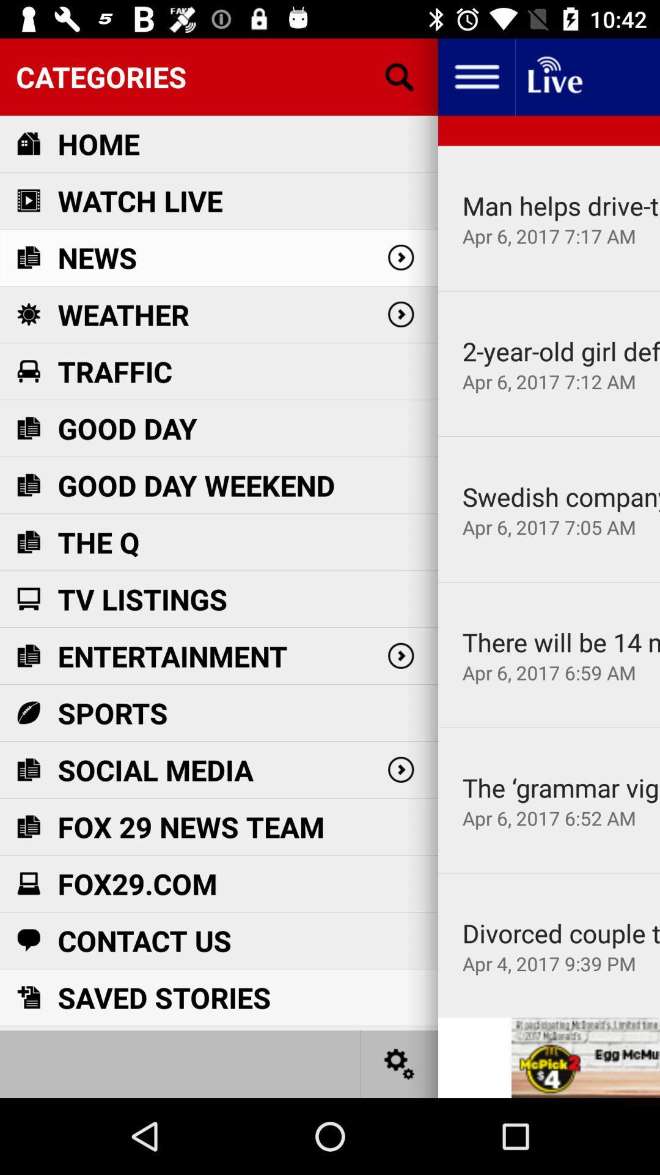 The height and width of the screenshot is (1175, 660). Describe the element at coordinates (400, 76) in the screenshot. I see `the search icon` at that location.